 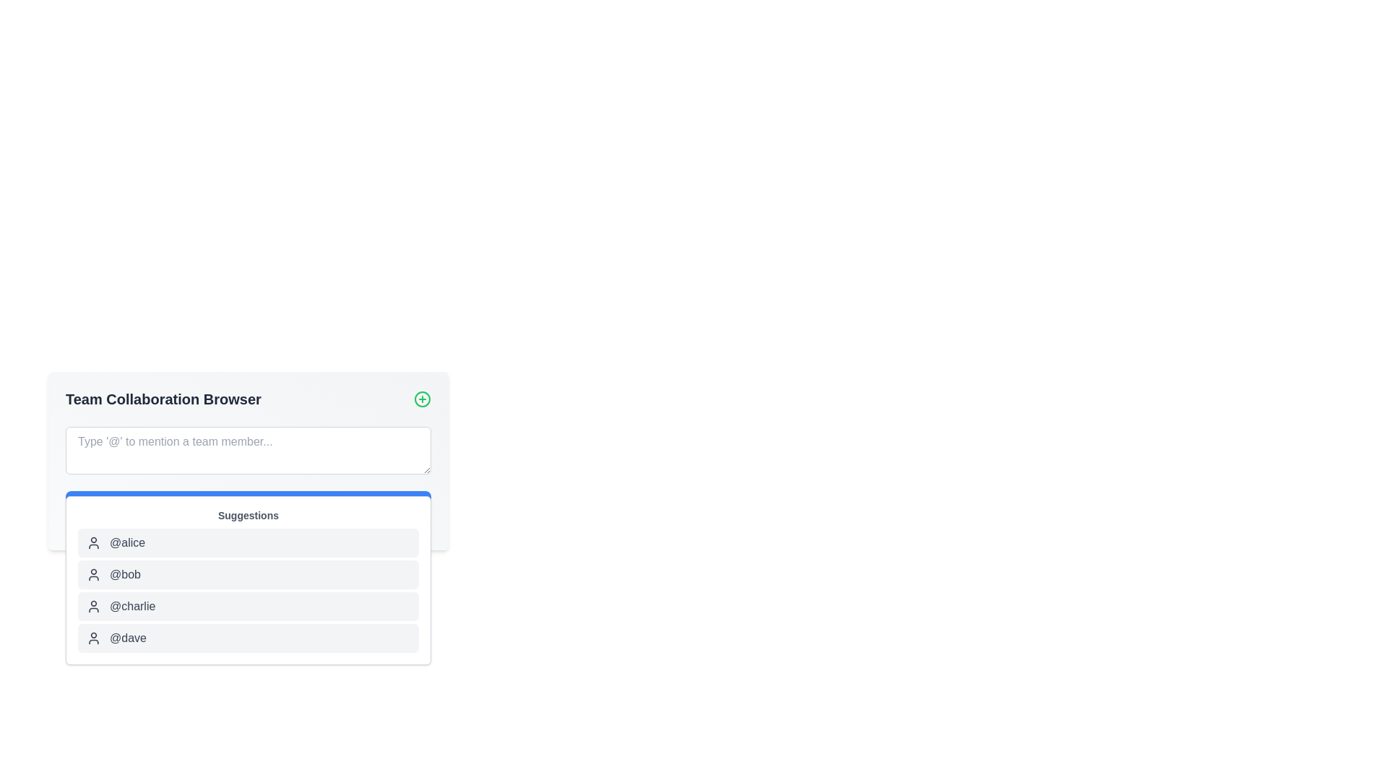 I want to click on the user profile icon representing the account '@dave' in the suggestion list by moving the cursor to its center point, so click(x=92, y=637).